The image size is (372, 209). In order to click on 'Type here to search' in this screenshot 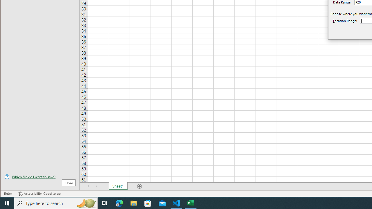, I will do `click(56, 203)`.